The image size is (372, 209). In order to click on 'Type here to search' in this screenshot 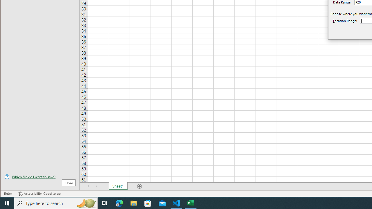, I will do `click(56, 203)`.